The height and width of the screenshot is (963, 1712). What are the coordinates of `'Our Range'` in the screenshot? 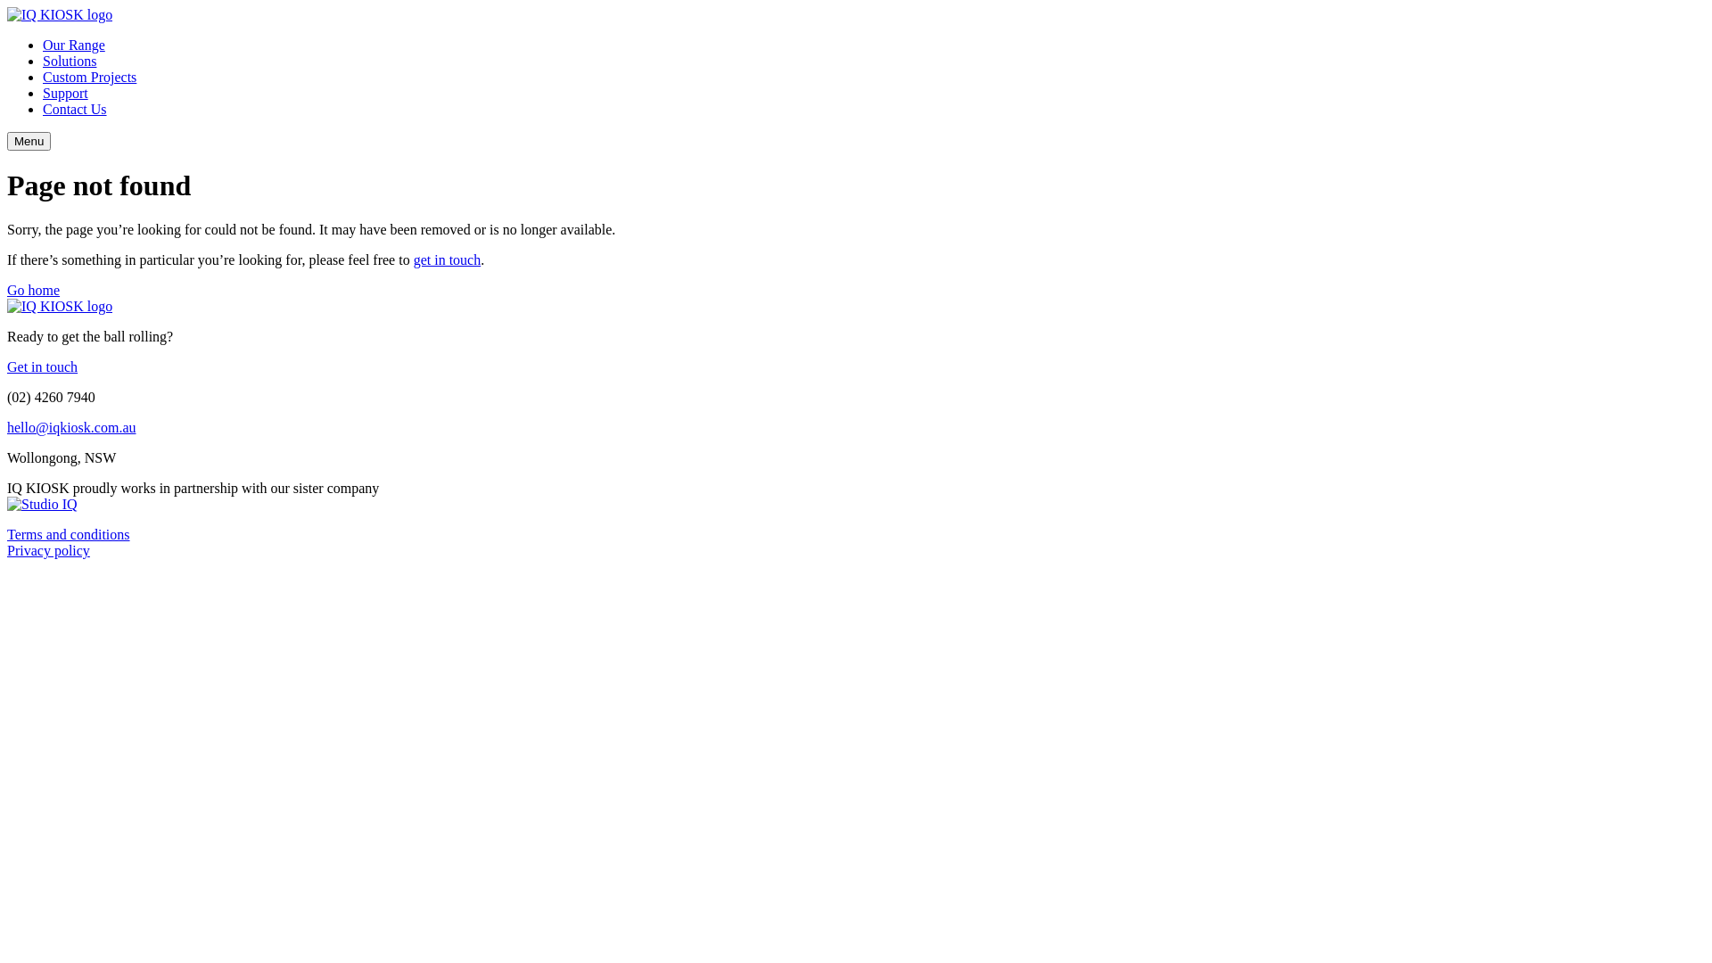 It's located at (72, 44).